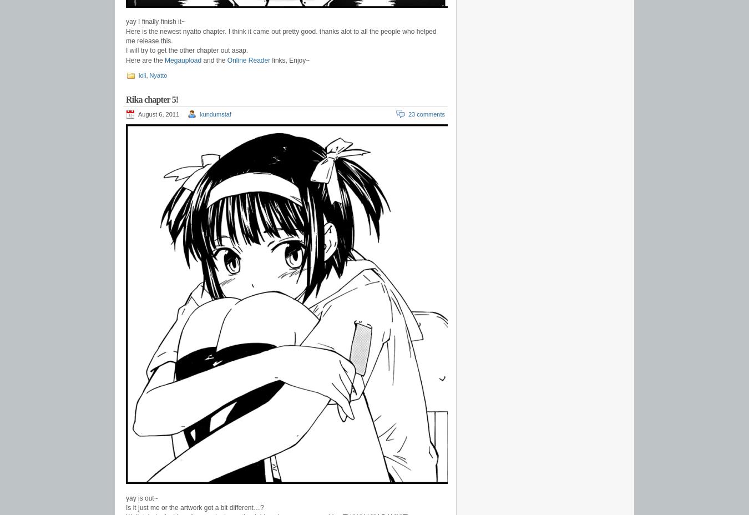 This screenshot has width=749, height=515. What do you see at coordinates (141, 498) in the screenshot?
I see `'yay is out~'` at bounding box center [141, 498].